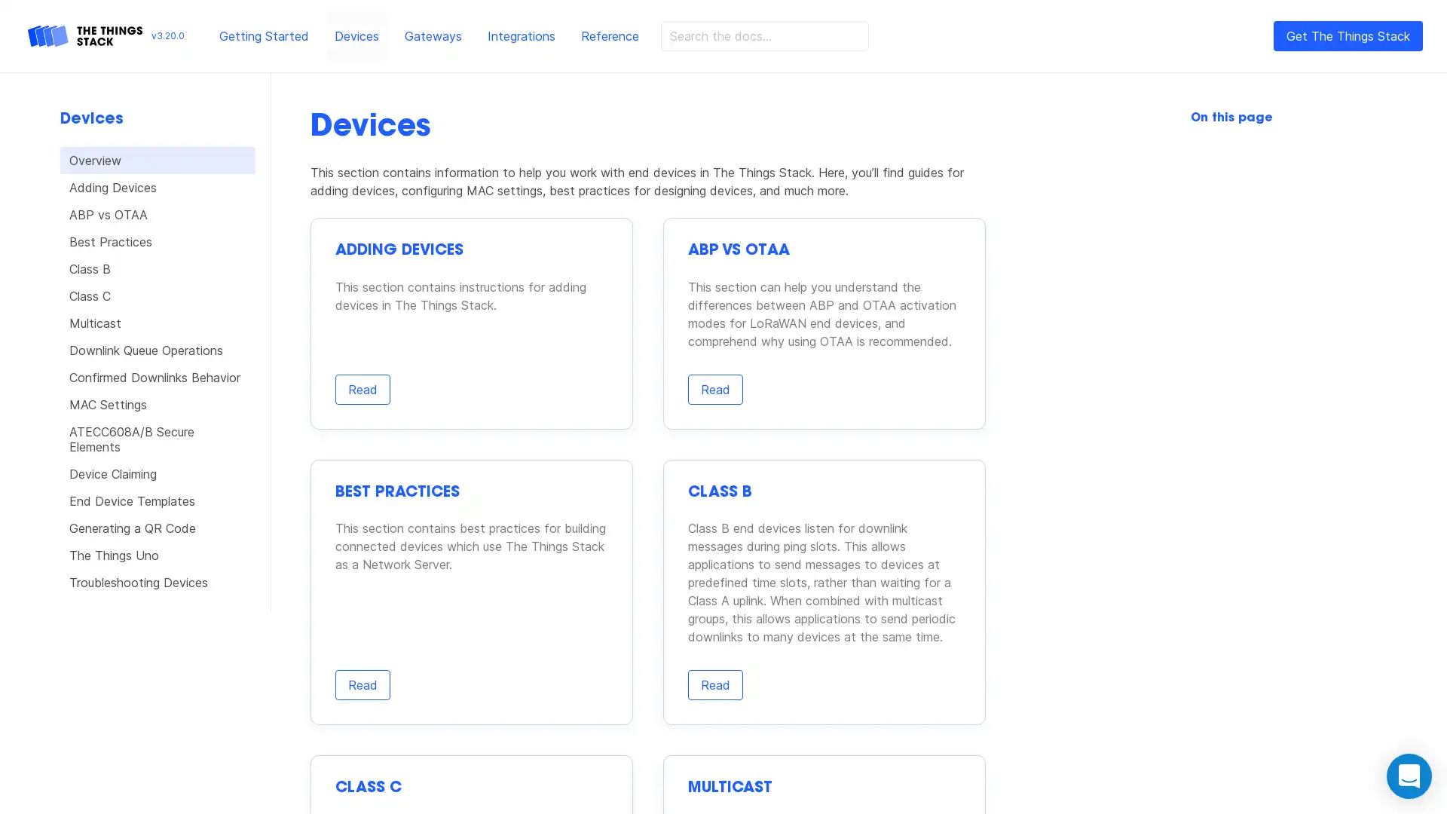 Image resolution: width=1447 pixels, height=814 pixels. Describe the element at coordinates (1409, 776) in the screenshot. I see `Open Intercom Messenger` at that location.